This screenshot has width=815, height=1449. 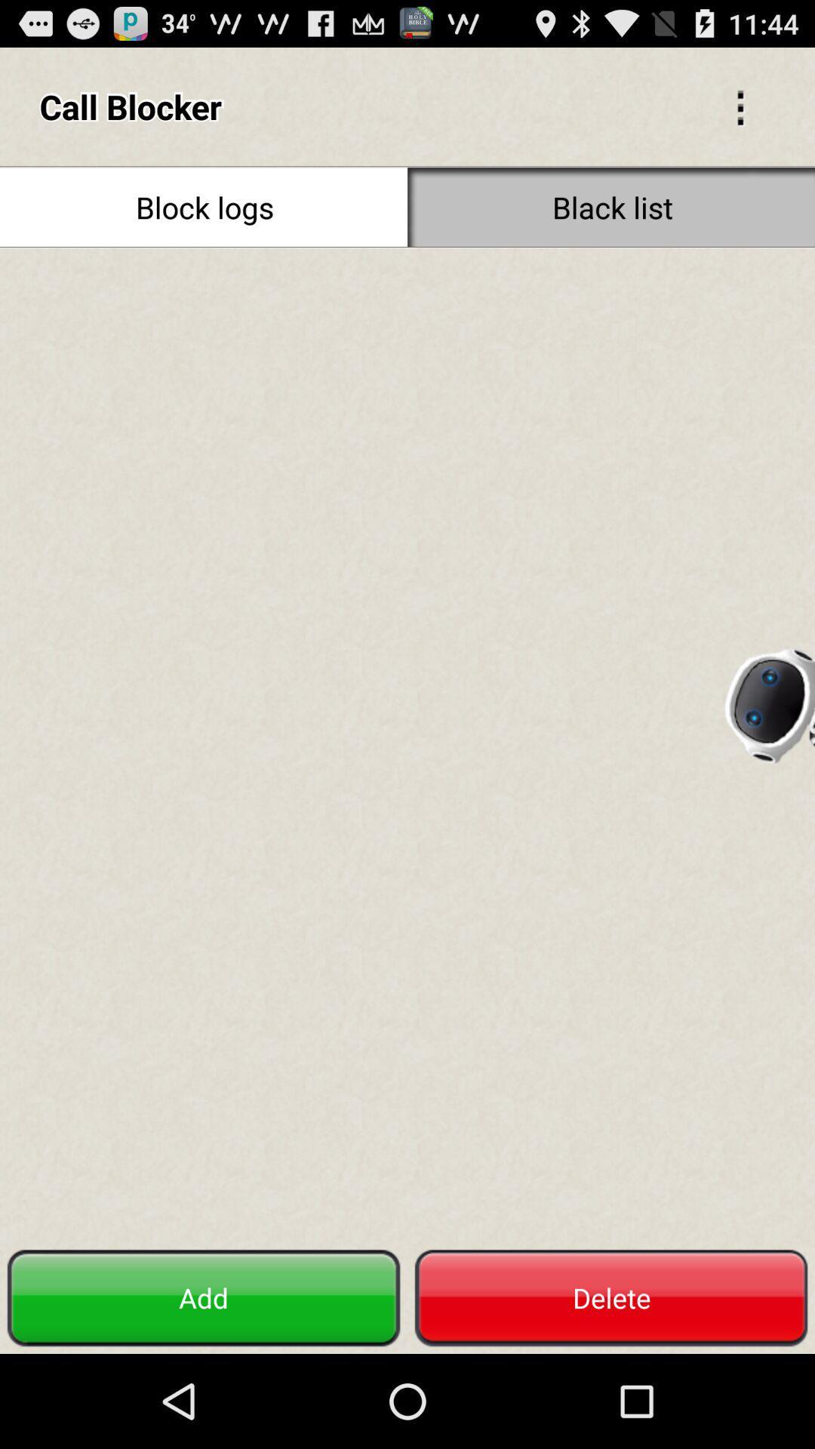 What do you see at coordinates (740, 113) in the screenshot?
I see `the more icon` at bounding box center [740, 113].